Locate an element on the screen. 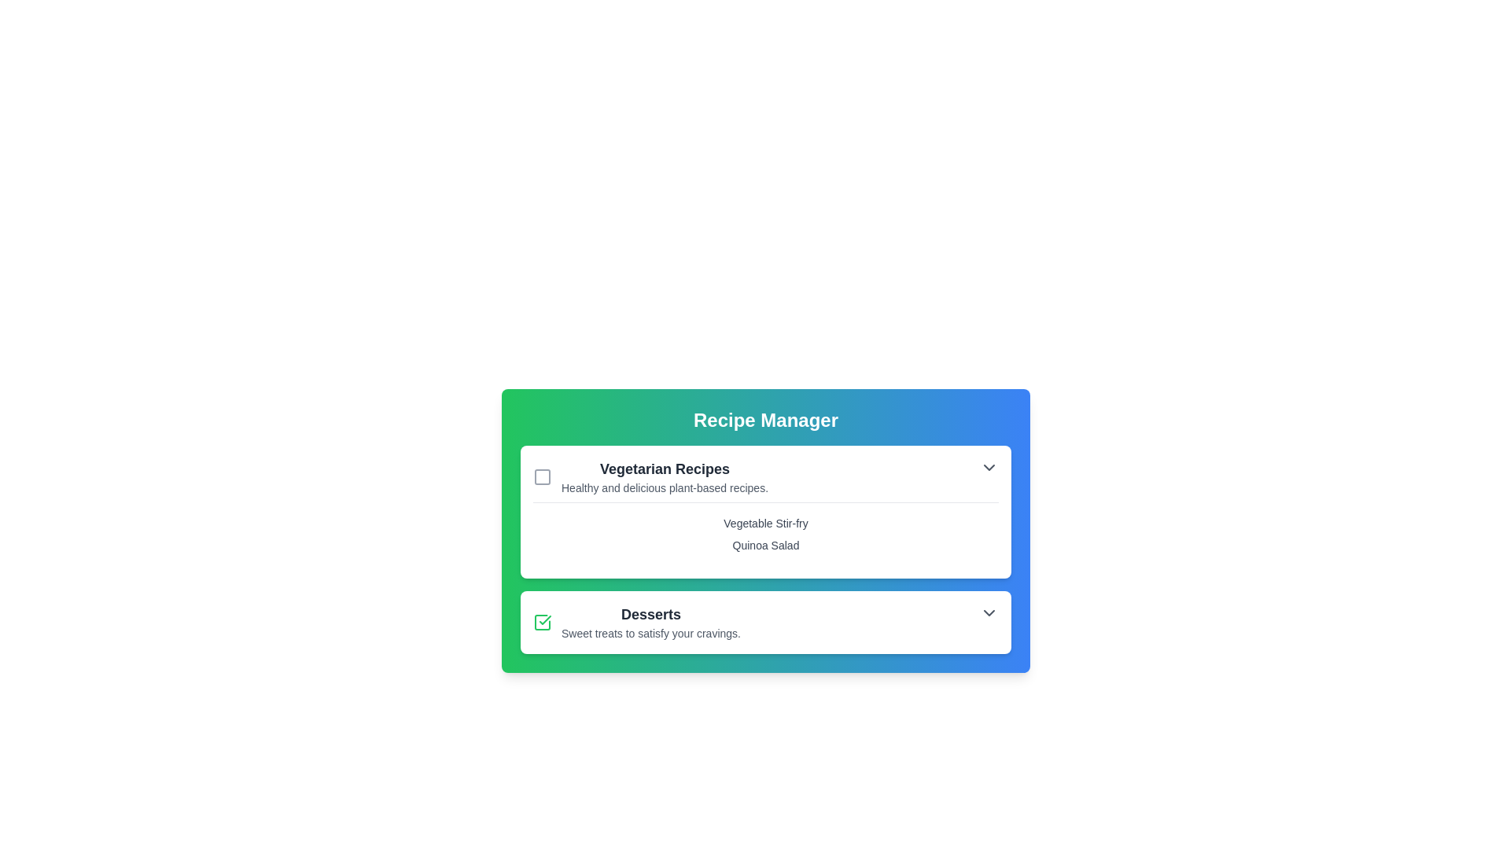 The height and width of the screenshot is (849, 1510). the text block titled 'Vegetarian Recipes' that includes a subtitle 'Healthy and delicious plant-based recipes.' located in the middle of the interface under 'Recipe Manager.' is located at coordinates (665, 476).